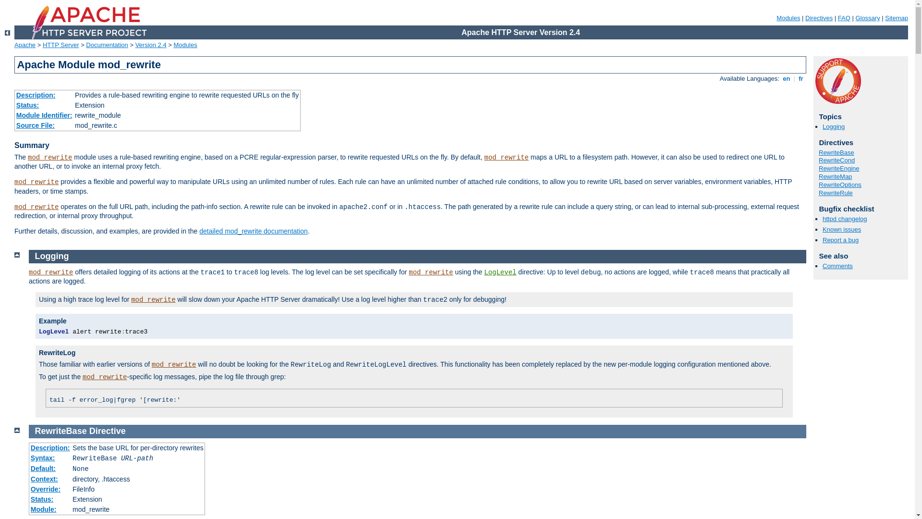 The width and height of the screenshot is (922, 519). What do you see at coordinates (50, 272) in the screenshot?
I see `'mod_rewrite'` at bounding box center [50, 272].